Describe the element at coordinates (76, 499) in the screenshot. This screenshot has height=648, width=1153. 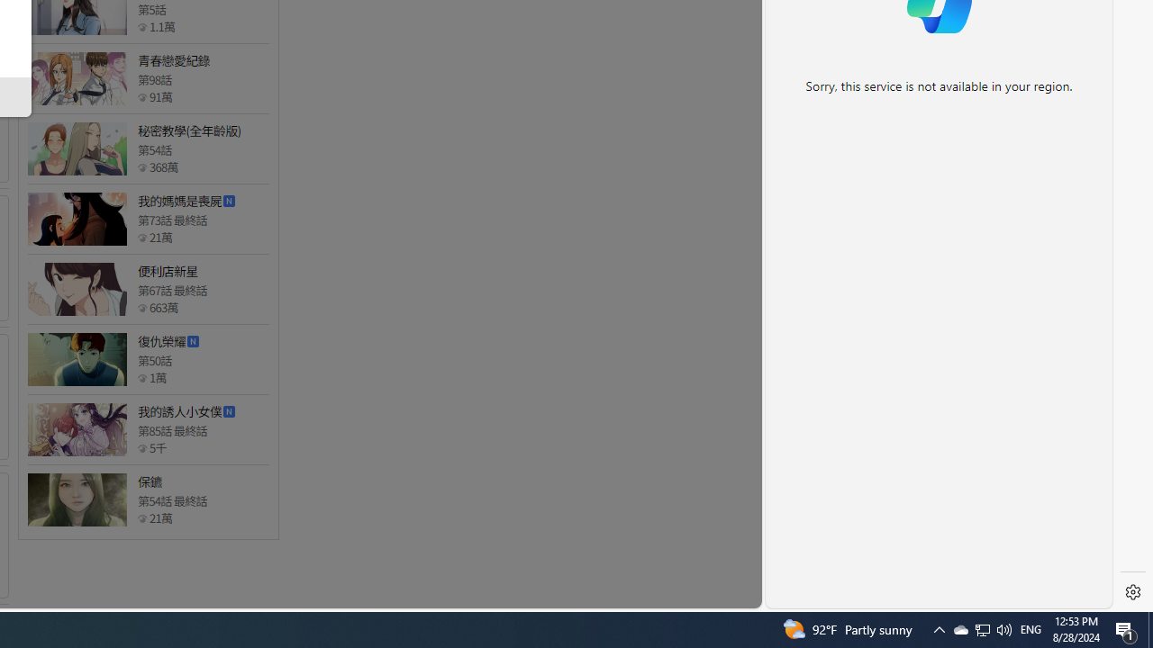
I see `'Class: thumb_img'` at that location.